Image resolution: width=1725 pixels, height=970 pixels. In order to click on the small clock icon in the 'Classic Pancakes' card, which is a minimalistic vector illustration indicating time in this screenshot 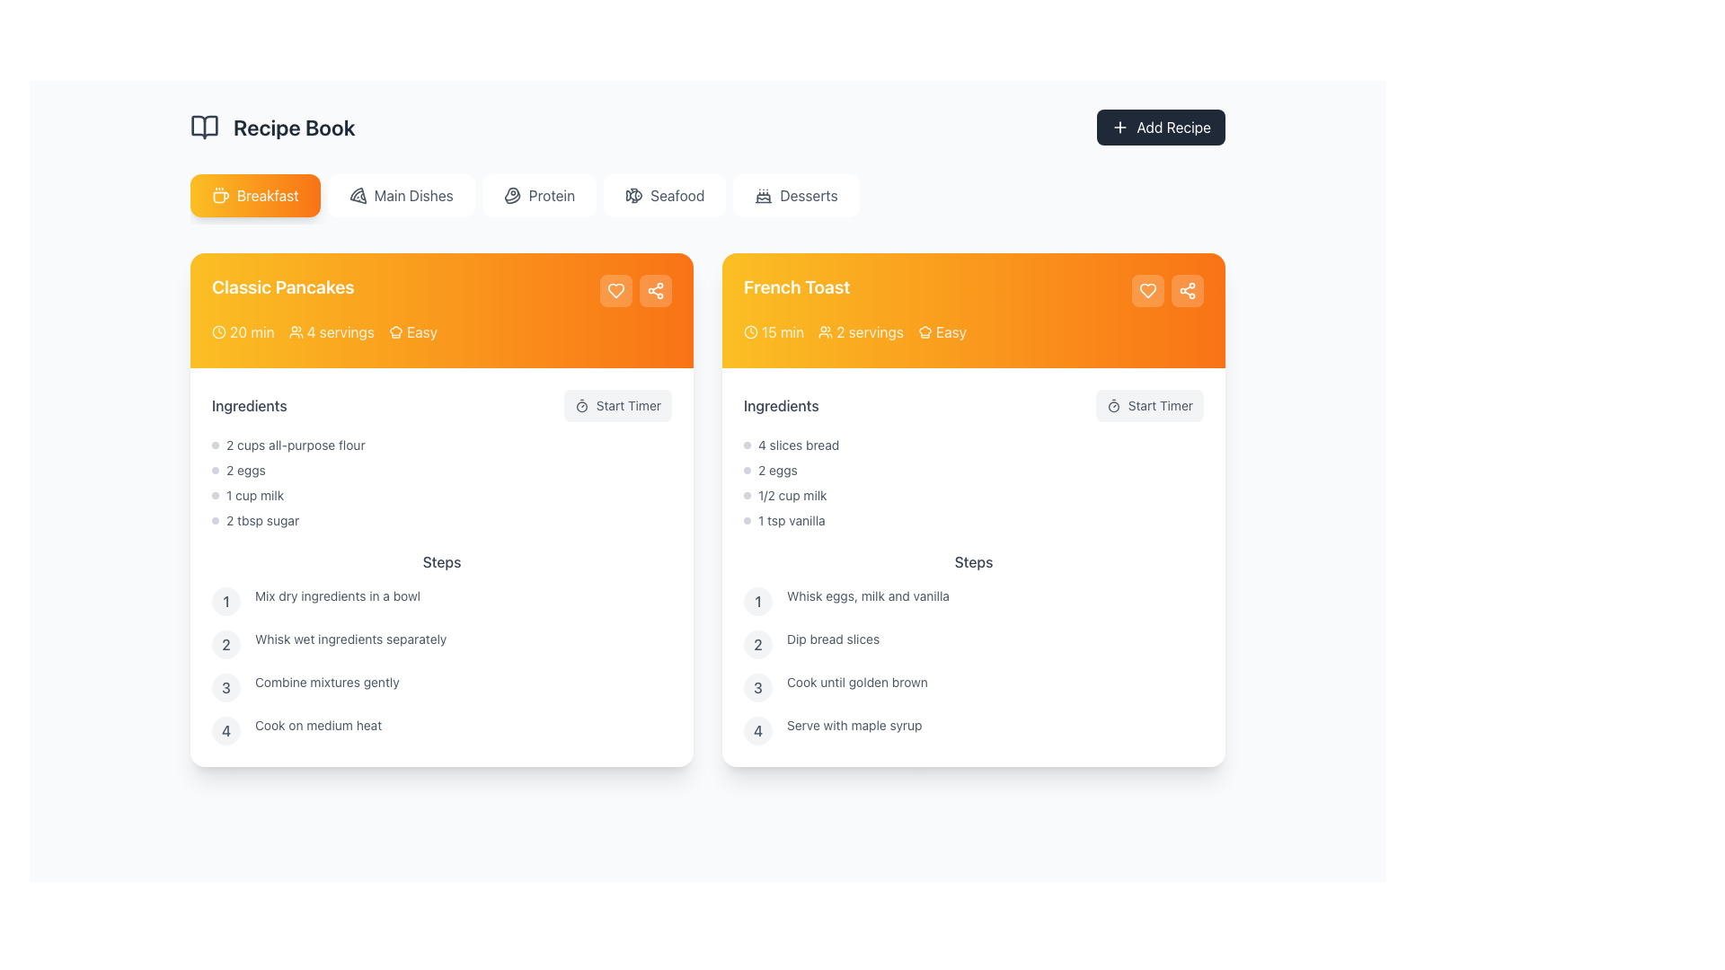, I will do `click(218, 332)`.